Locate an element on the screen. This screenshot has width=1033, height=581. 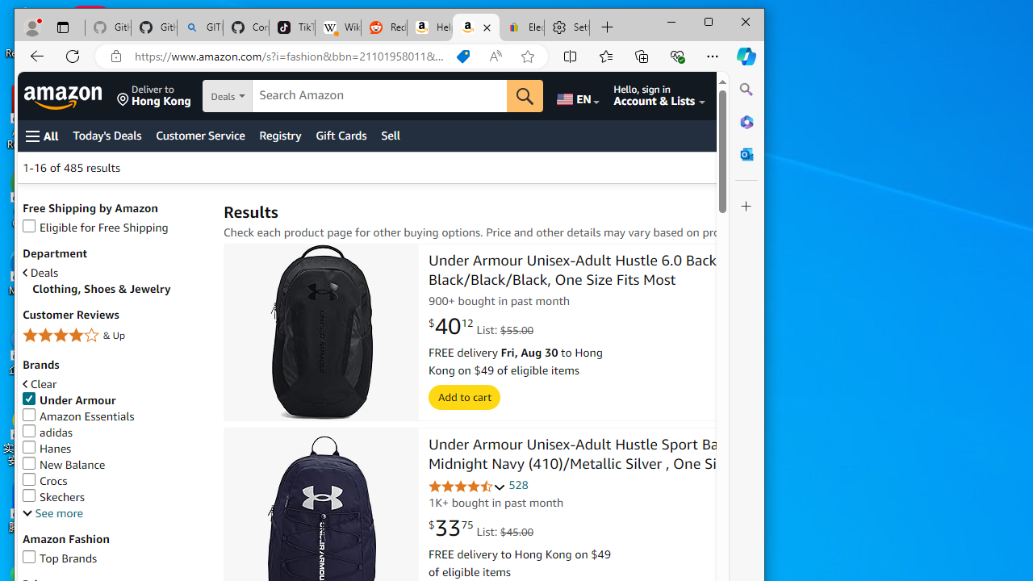
'Add to cart' is located at coordinates (464, 398).